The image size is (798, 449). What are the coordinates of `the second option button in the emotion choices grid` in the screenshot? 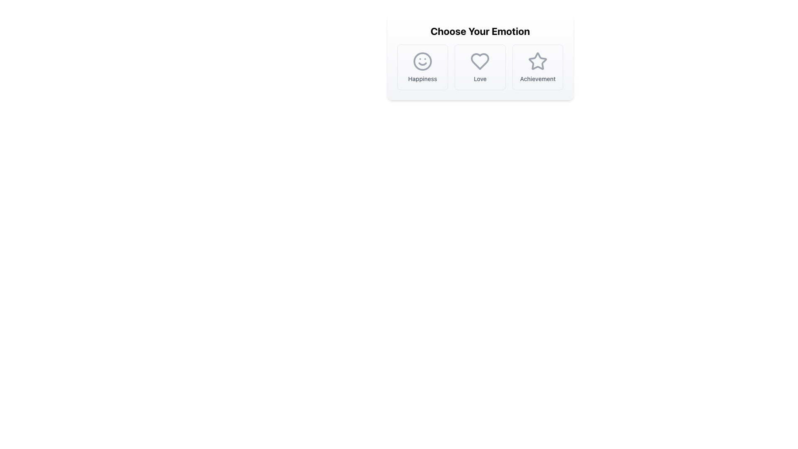 It's located at (480, 67).